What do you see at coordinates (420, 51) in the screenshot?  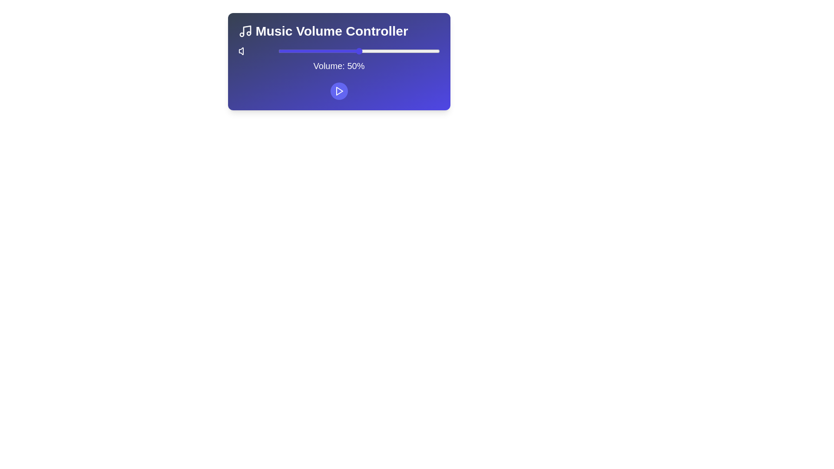 I see `the volume slider to 88%` at bounding box center [420, 51].